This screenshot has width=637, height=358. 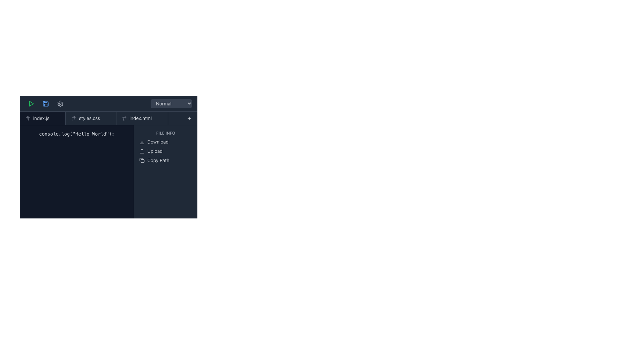 What do you see at coordinates (31, 103) in the screenshot?
I see `the triangular-shaped green play button located in the top left corner of its section` at bounding box center [31, 103].